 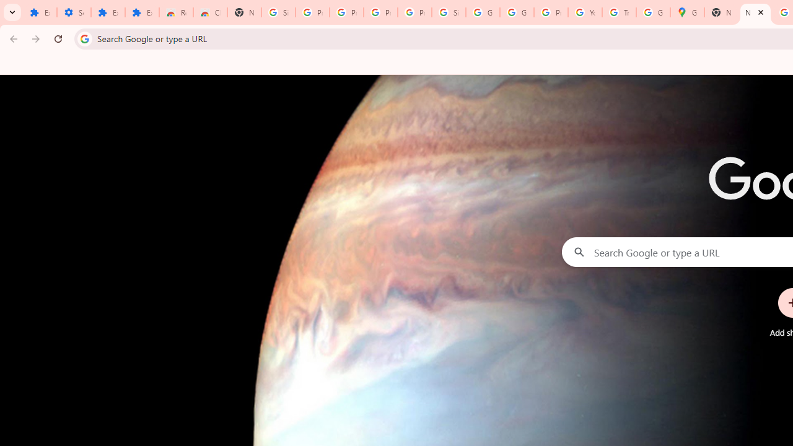 I want to click on 'Chrome Web Store - Themes', so click(x=210, y=12).